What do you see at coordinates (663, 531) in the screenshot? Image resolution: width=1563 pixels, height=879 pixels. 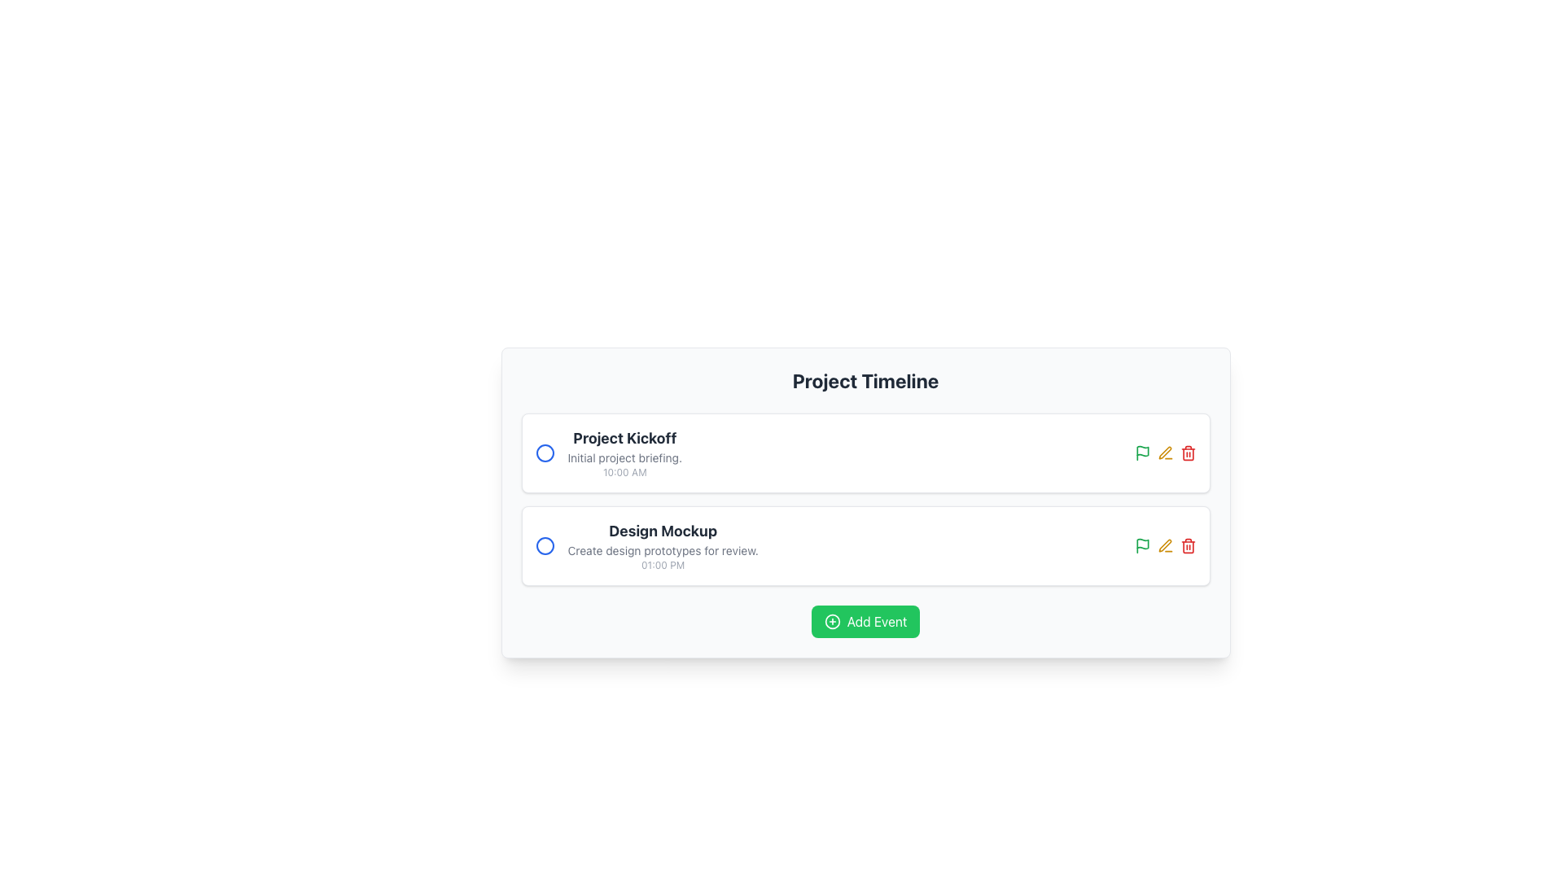 I see `text content of the title label for the event in the timeline, positioned below the 'Project Kickoff' title` at bounding box center [663, 531].